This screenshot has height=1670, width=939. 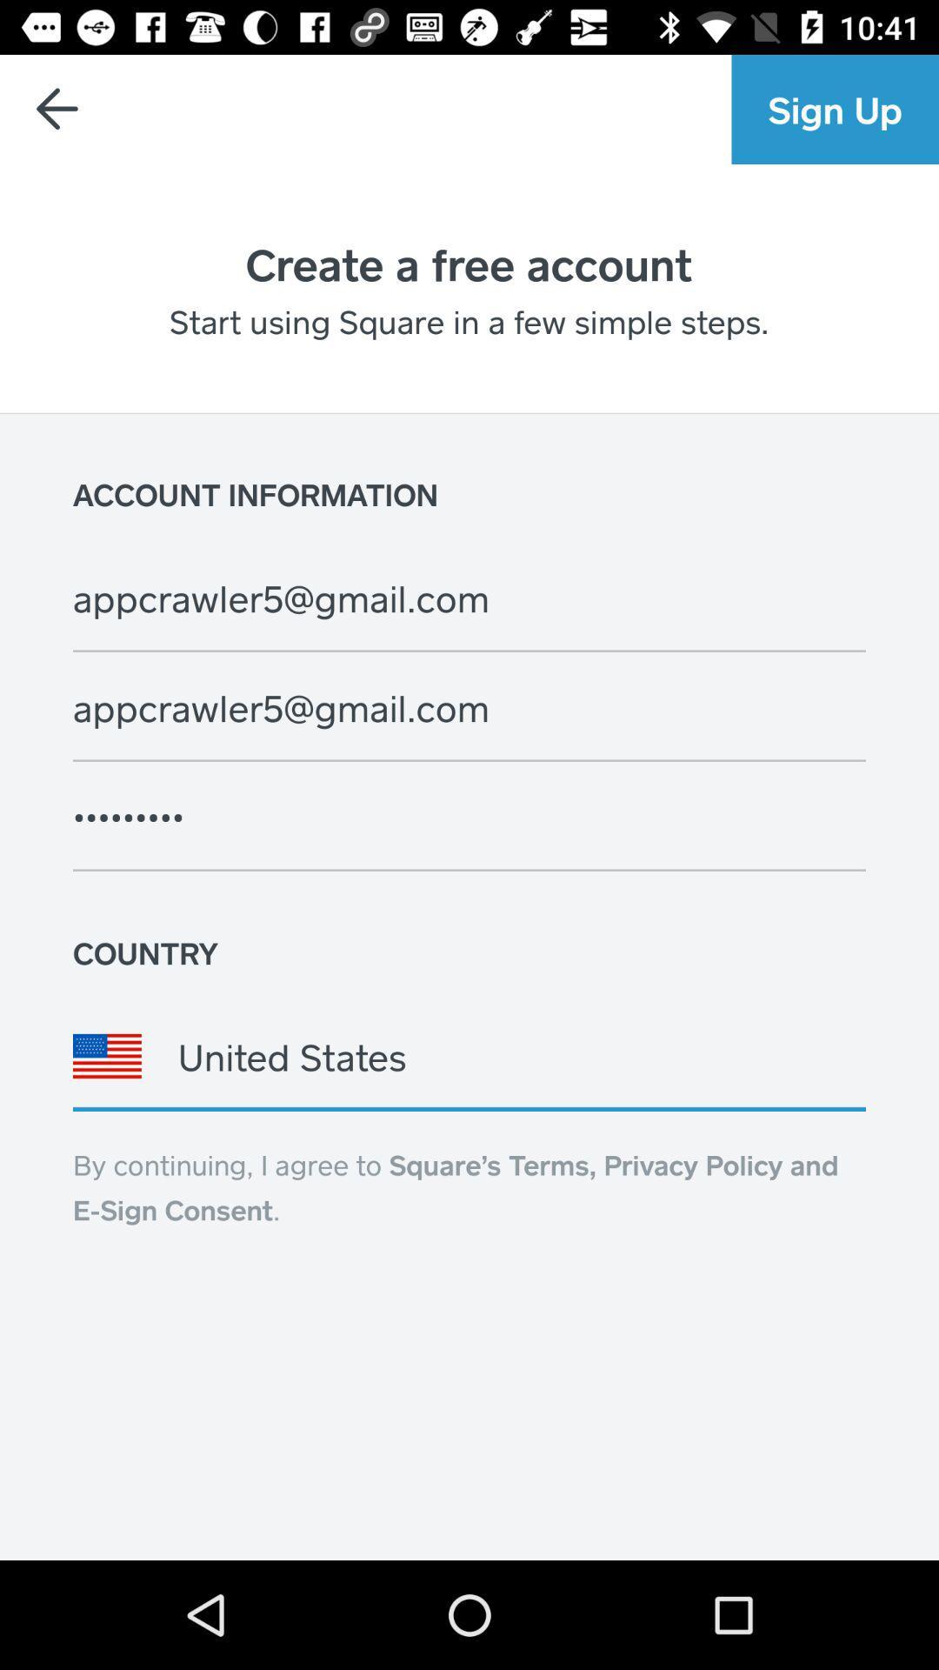 I want to click on start using square icon, so click(x=468, y=321).